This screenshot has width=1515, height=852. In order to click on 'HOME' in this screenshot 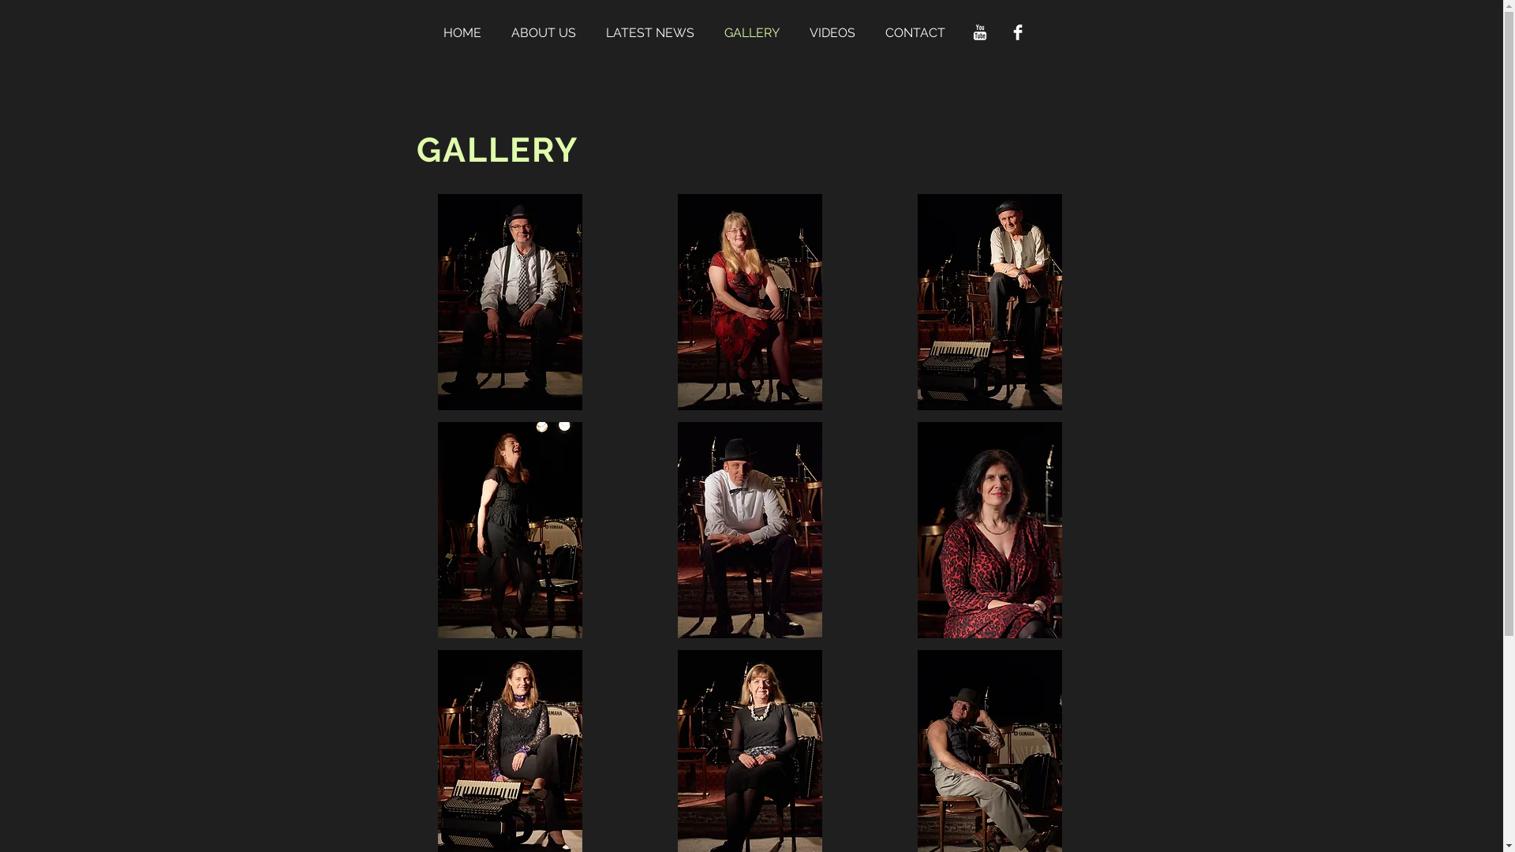, I will do `click(469, 32)`.